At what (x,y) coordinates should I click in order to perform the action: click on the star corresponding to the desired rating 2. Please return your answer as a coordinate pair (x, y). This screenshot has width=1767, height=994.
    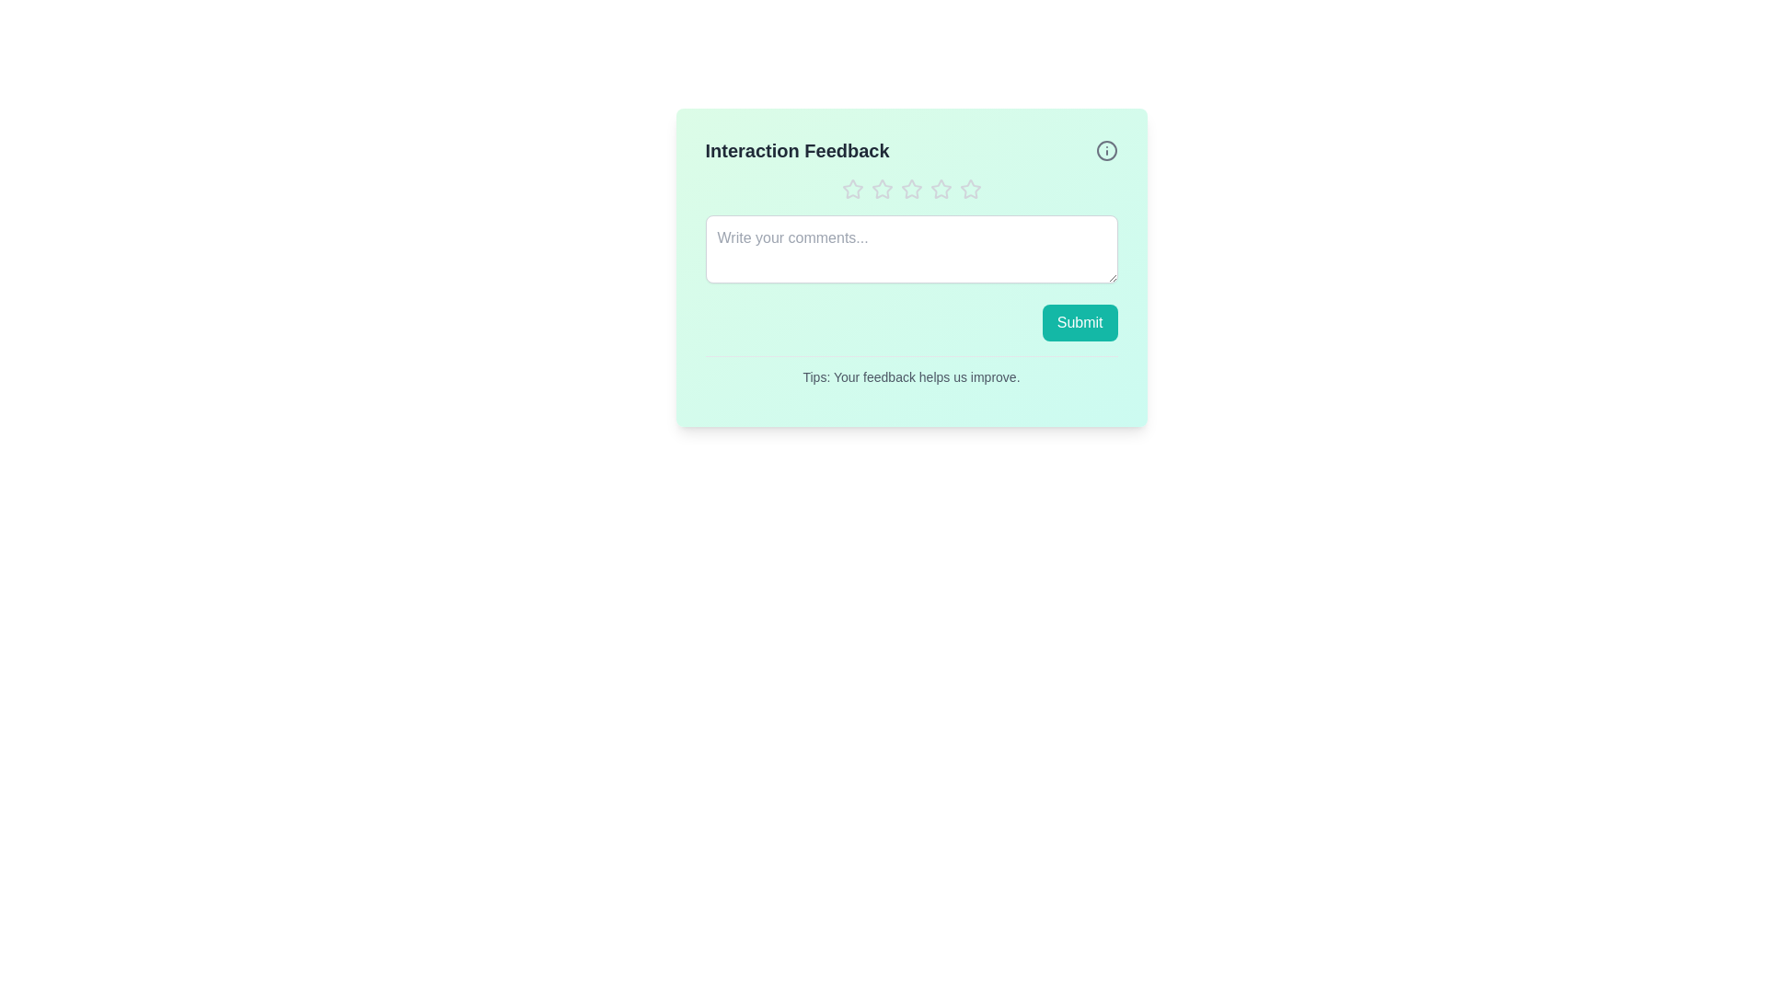
    Looking at the image, I should click on (881, 189).